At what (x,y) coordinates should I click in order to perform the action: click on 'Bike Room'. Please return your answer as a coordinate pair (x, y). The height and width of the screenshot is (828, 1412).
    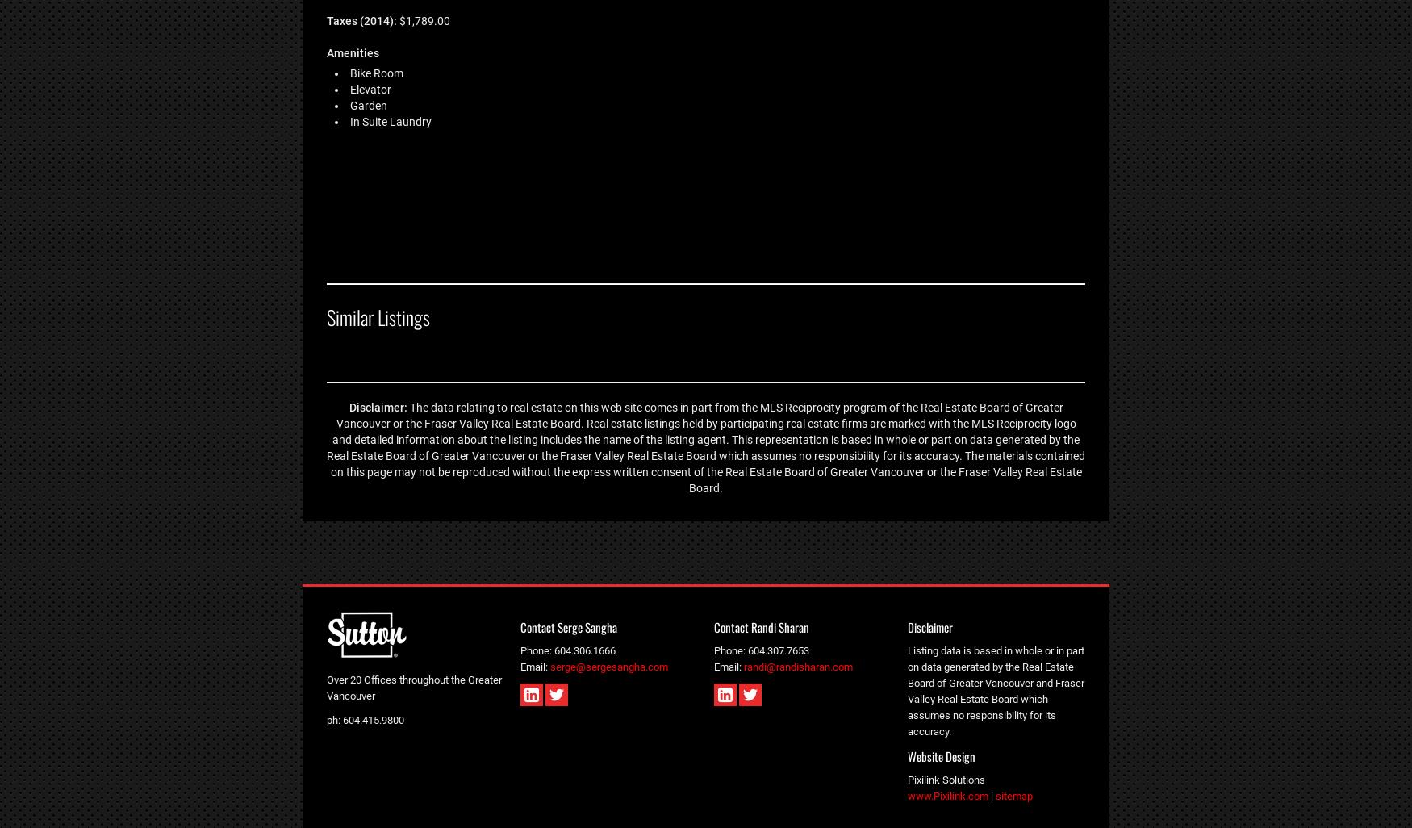
    Looking at the image, I should click on (377, 71).